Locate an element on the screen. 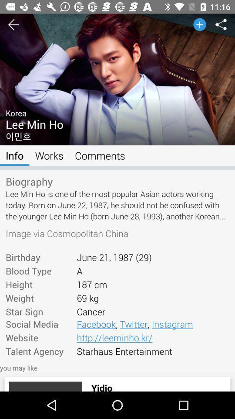 This screenshot has height=419, width=235. the arrow_backward icon is located at coordinates (13, 24).